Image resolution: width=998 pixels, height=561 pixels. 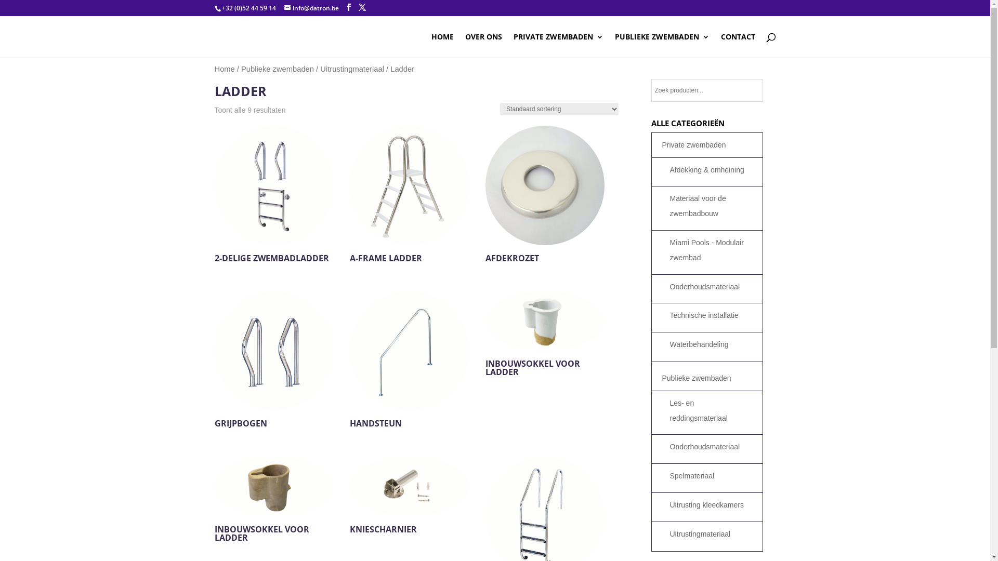 What do you see at coordinates (431, 45) in the screenshot?
I see `'HOME'` at bounding box center [431, 45].